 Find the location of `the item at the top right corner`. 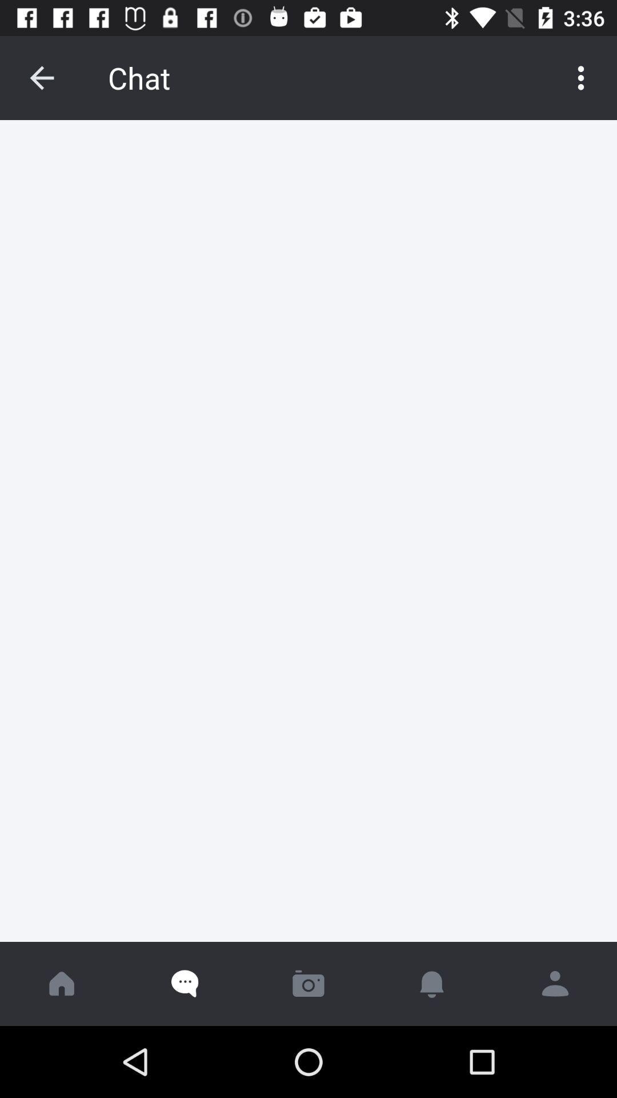

the item at the top right corner is located at coordinates (581, 77).